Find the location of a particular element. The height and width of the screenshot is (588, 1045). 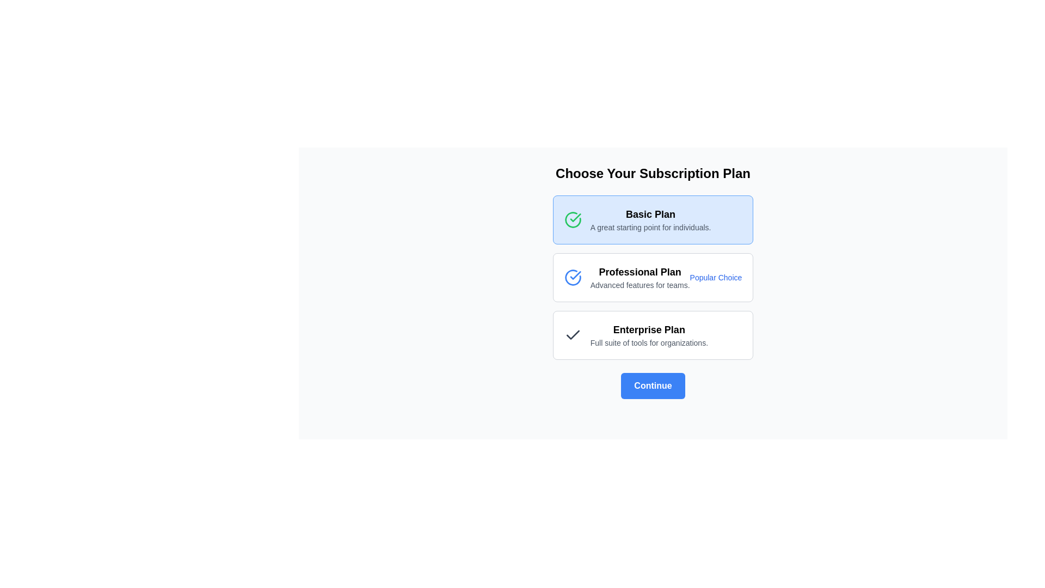

text from the bold heading that says 'Choose Your Subscription Plan', which is centrally aligned at the top of the subscription selection interface is located at coordinates (653, 173).